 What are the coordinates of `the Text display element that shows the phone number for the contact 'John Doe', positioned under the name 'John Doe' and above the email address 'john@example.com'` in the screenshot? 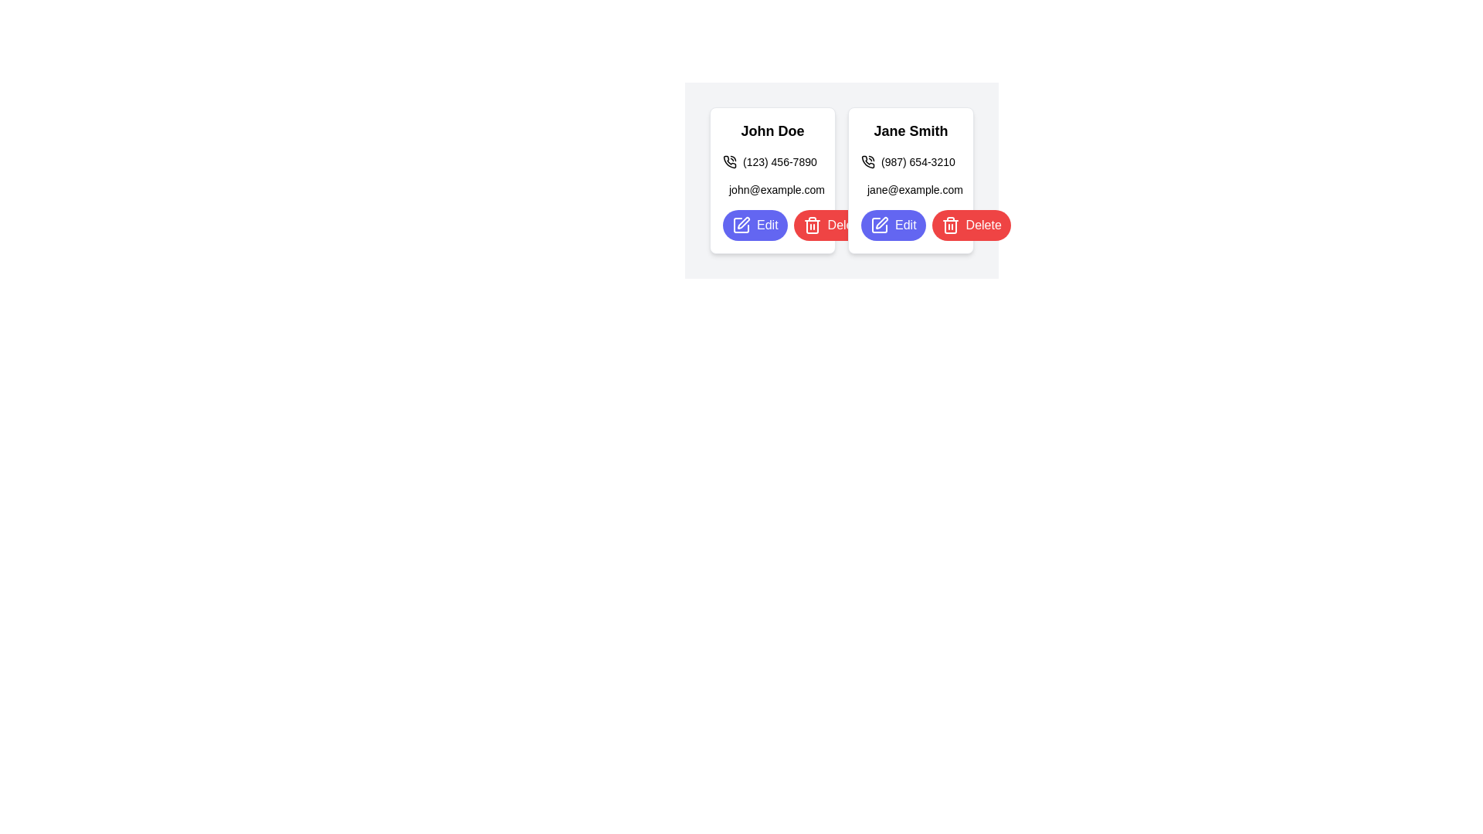 It's located at (772, 161).